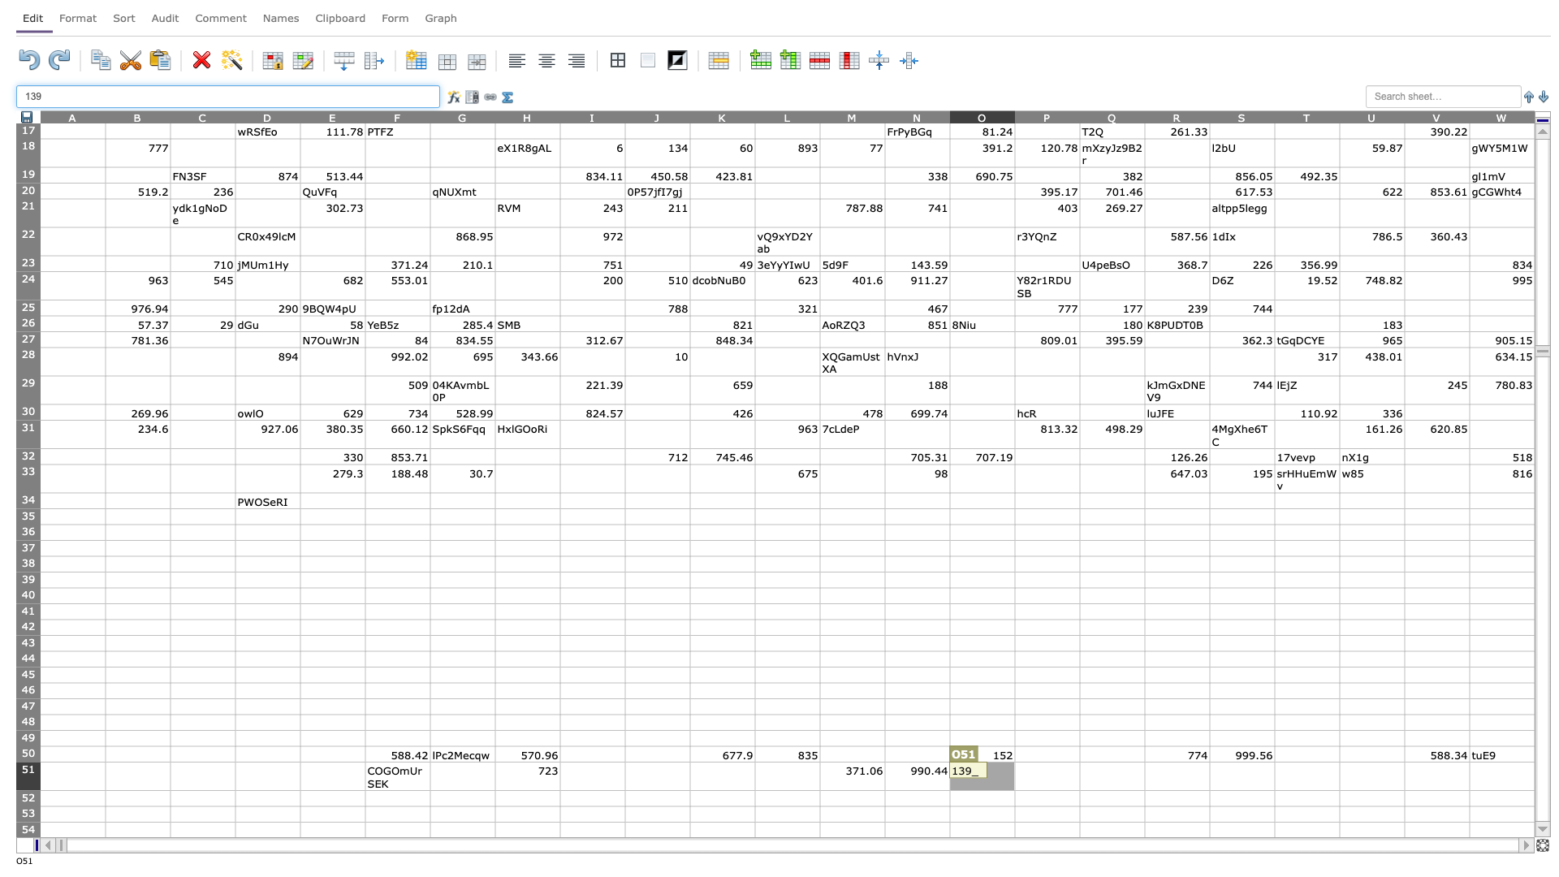  I want to click on top left at column R row 51, so click(1144, 762).